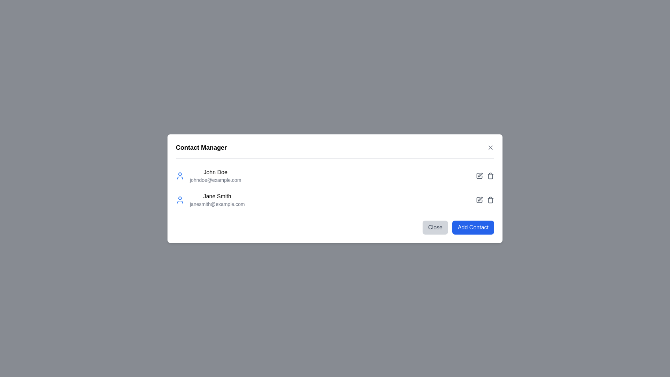 This screenshot has width=670, height=377. Describe the element at coordinates (210, 200) in the screenshot. I see `the second contact item in the 'Contact Manager' dialog box to possibly see details about the contact` at that location.